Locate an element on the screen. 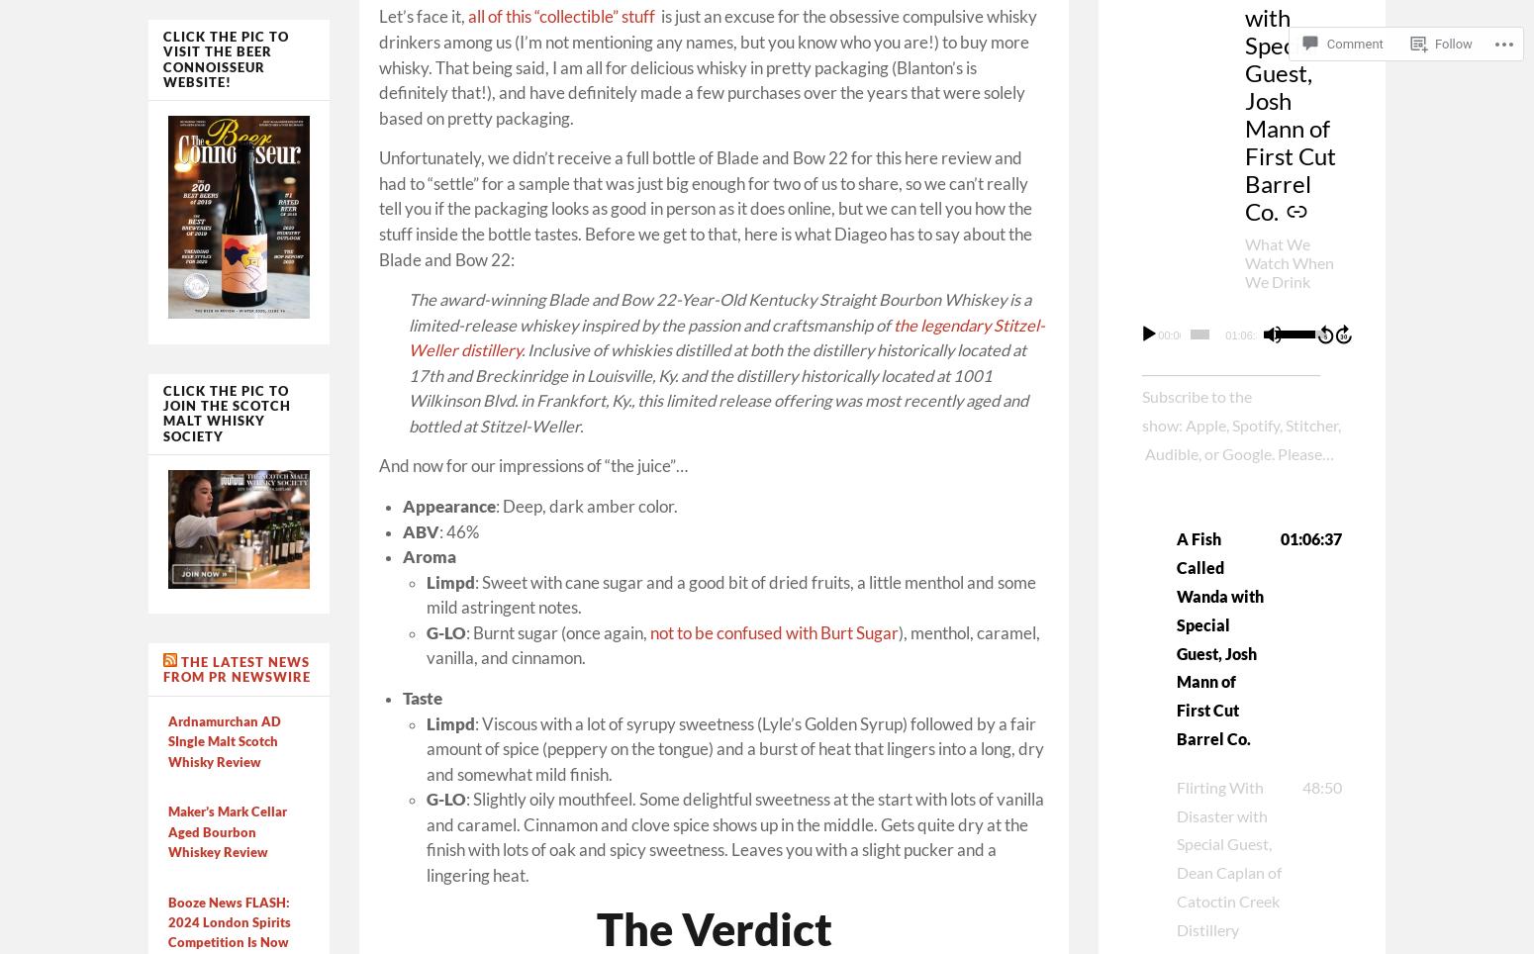 Image resolution: width=1534 pixels, height=954 pixels. 'What We Watch When We Drink' is located at coordinates (1288, 261).